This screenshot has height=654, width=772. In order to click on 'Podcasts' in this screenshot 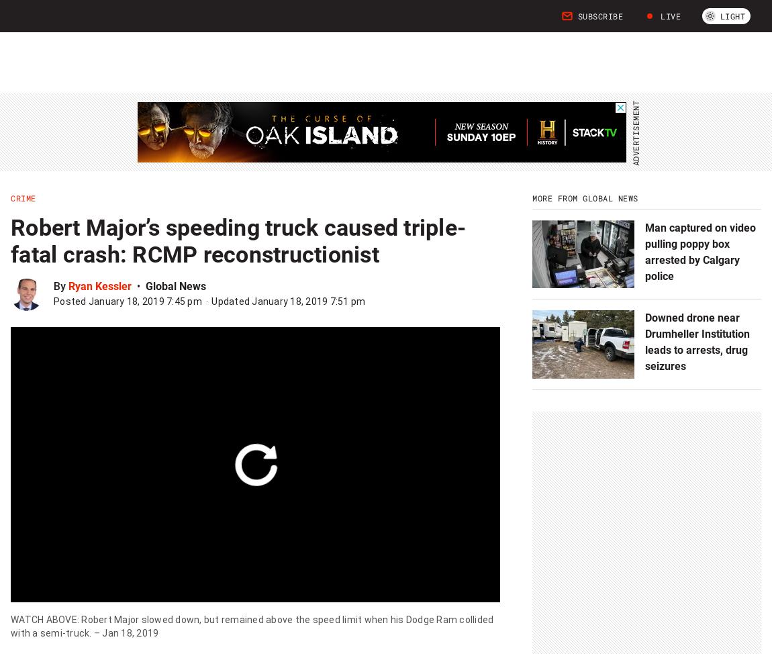, I will do `click(296, 23)`.